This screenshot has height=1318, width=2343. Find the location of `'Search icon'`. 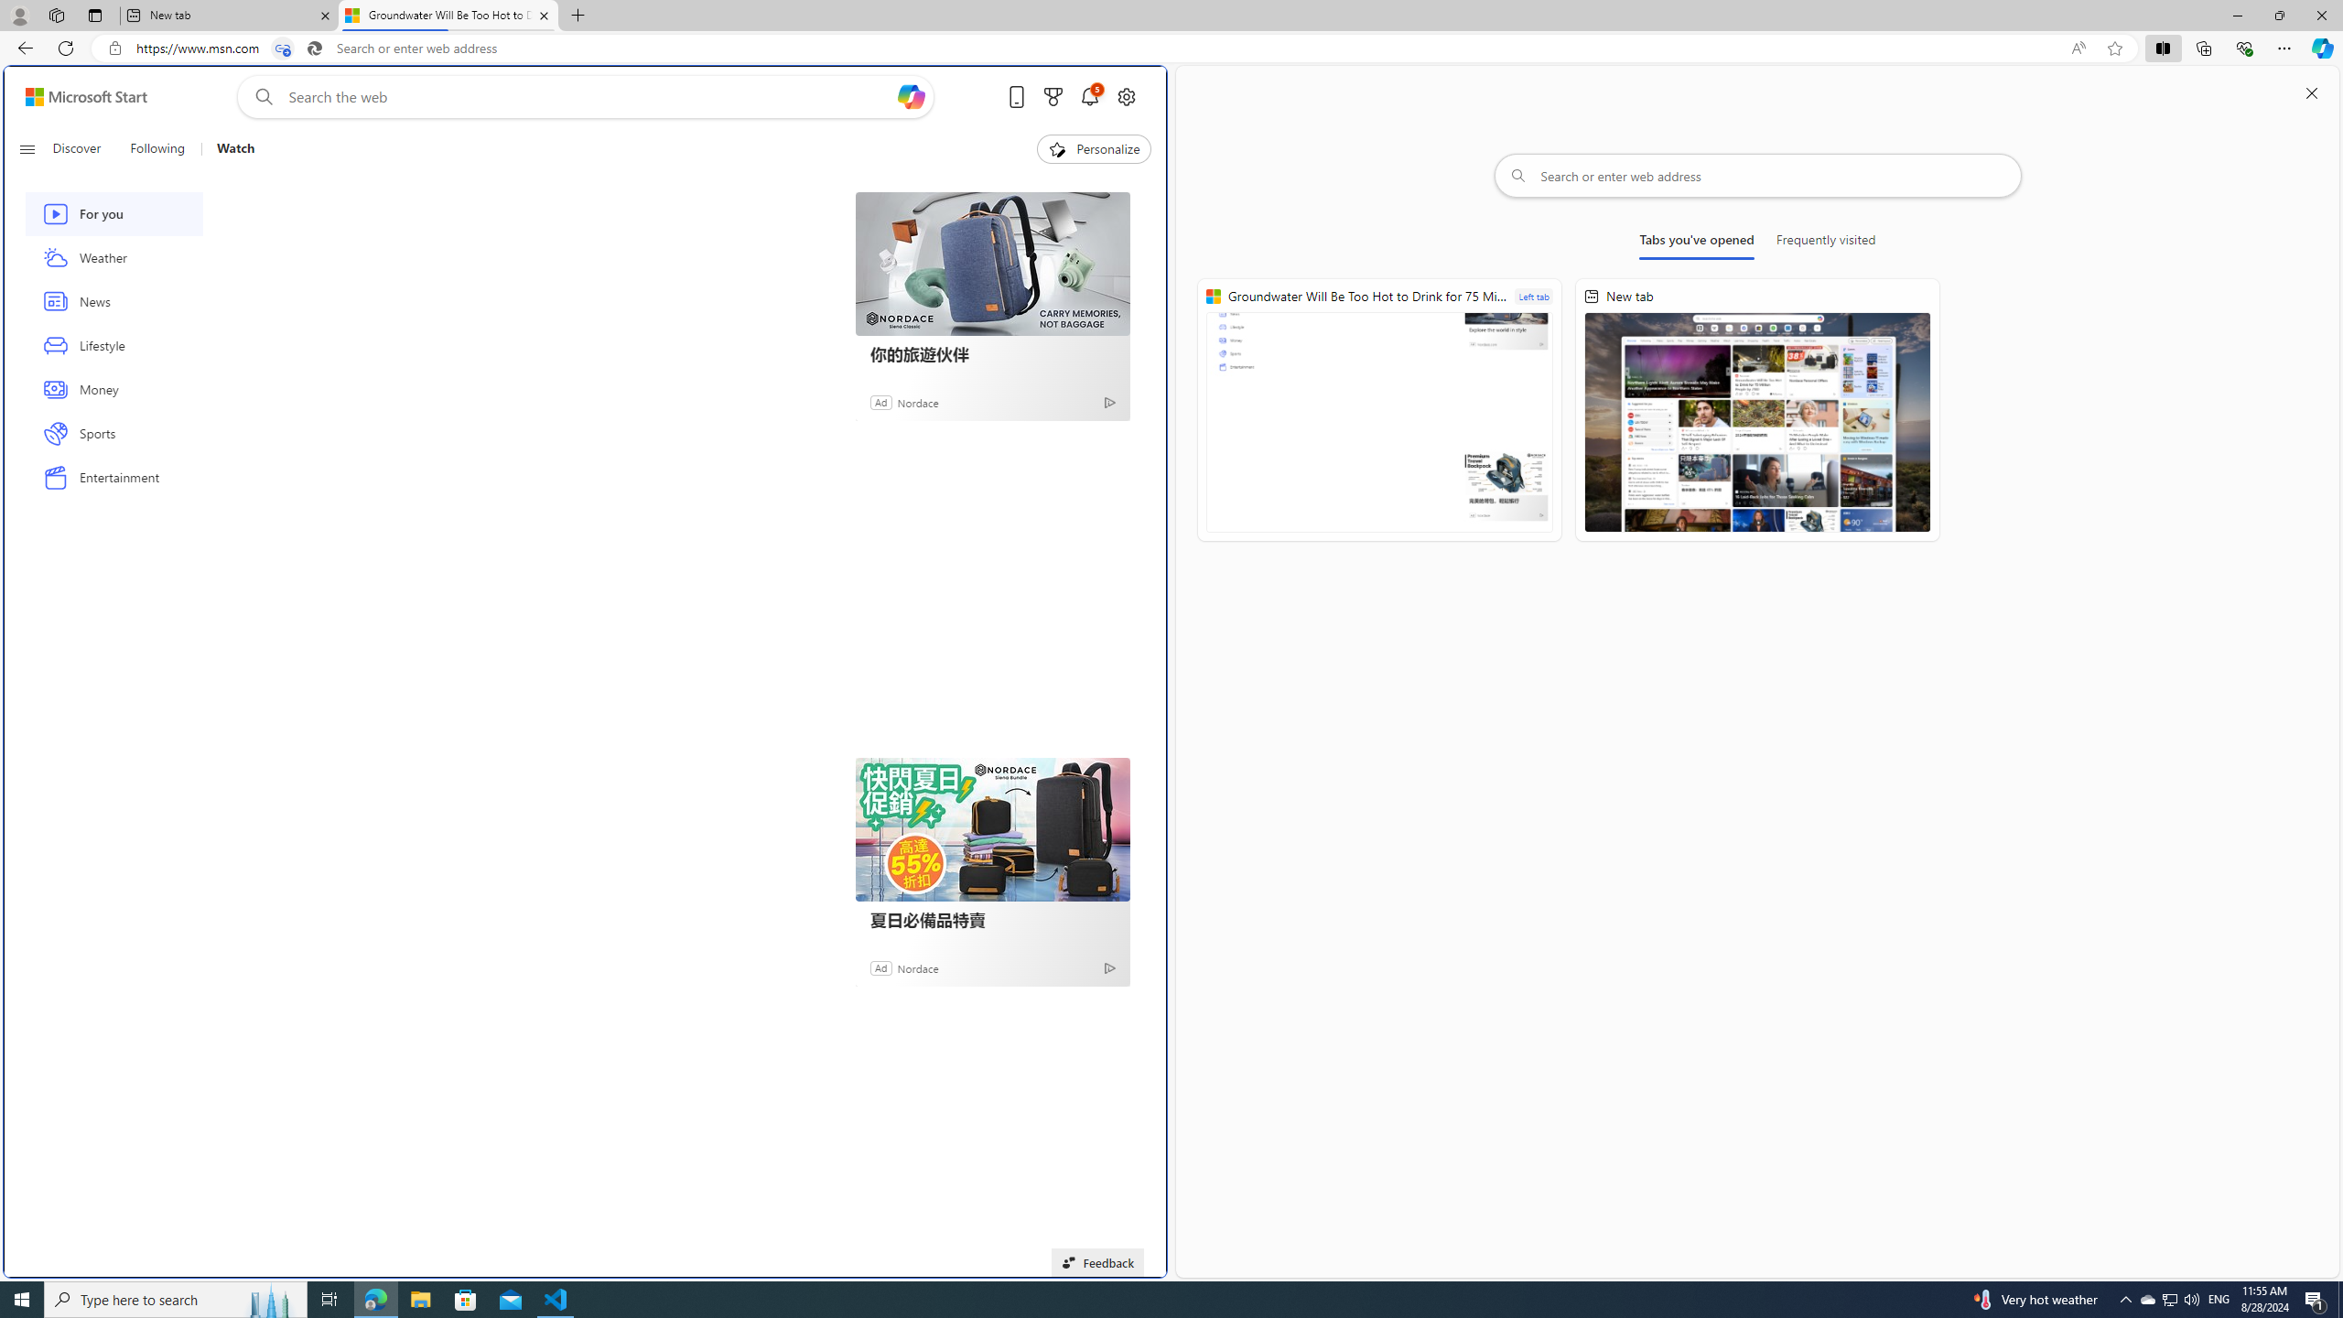

'Search icon' is located at coordinates (314, 49).